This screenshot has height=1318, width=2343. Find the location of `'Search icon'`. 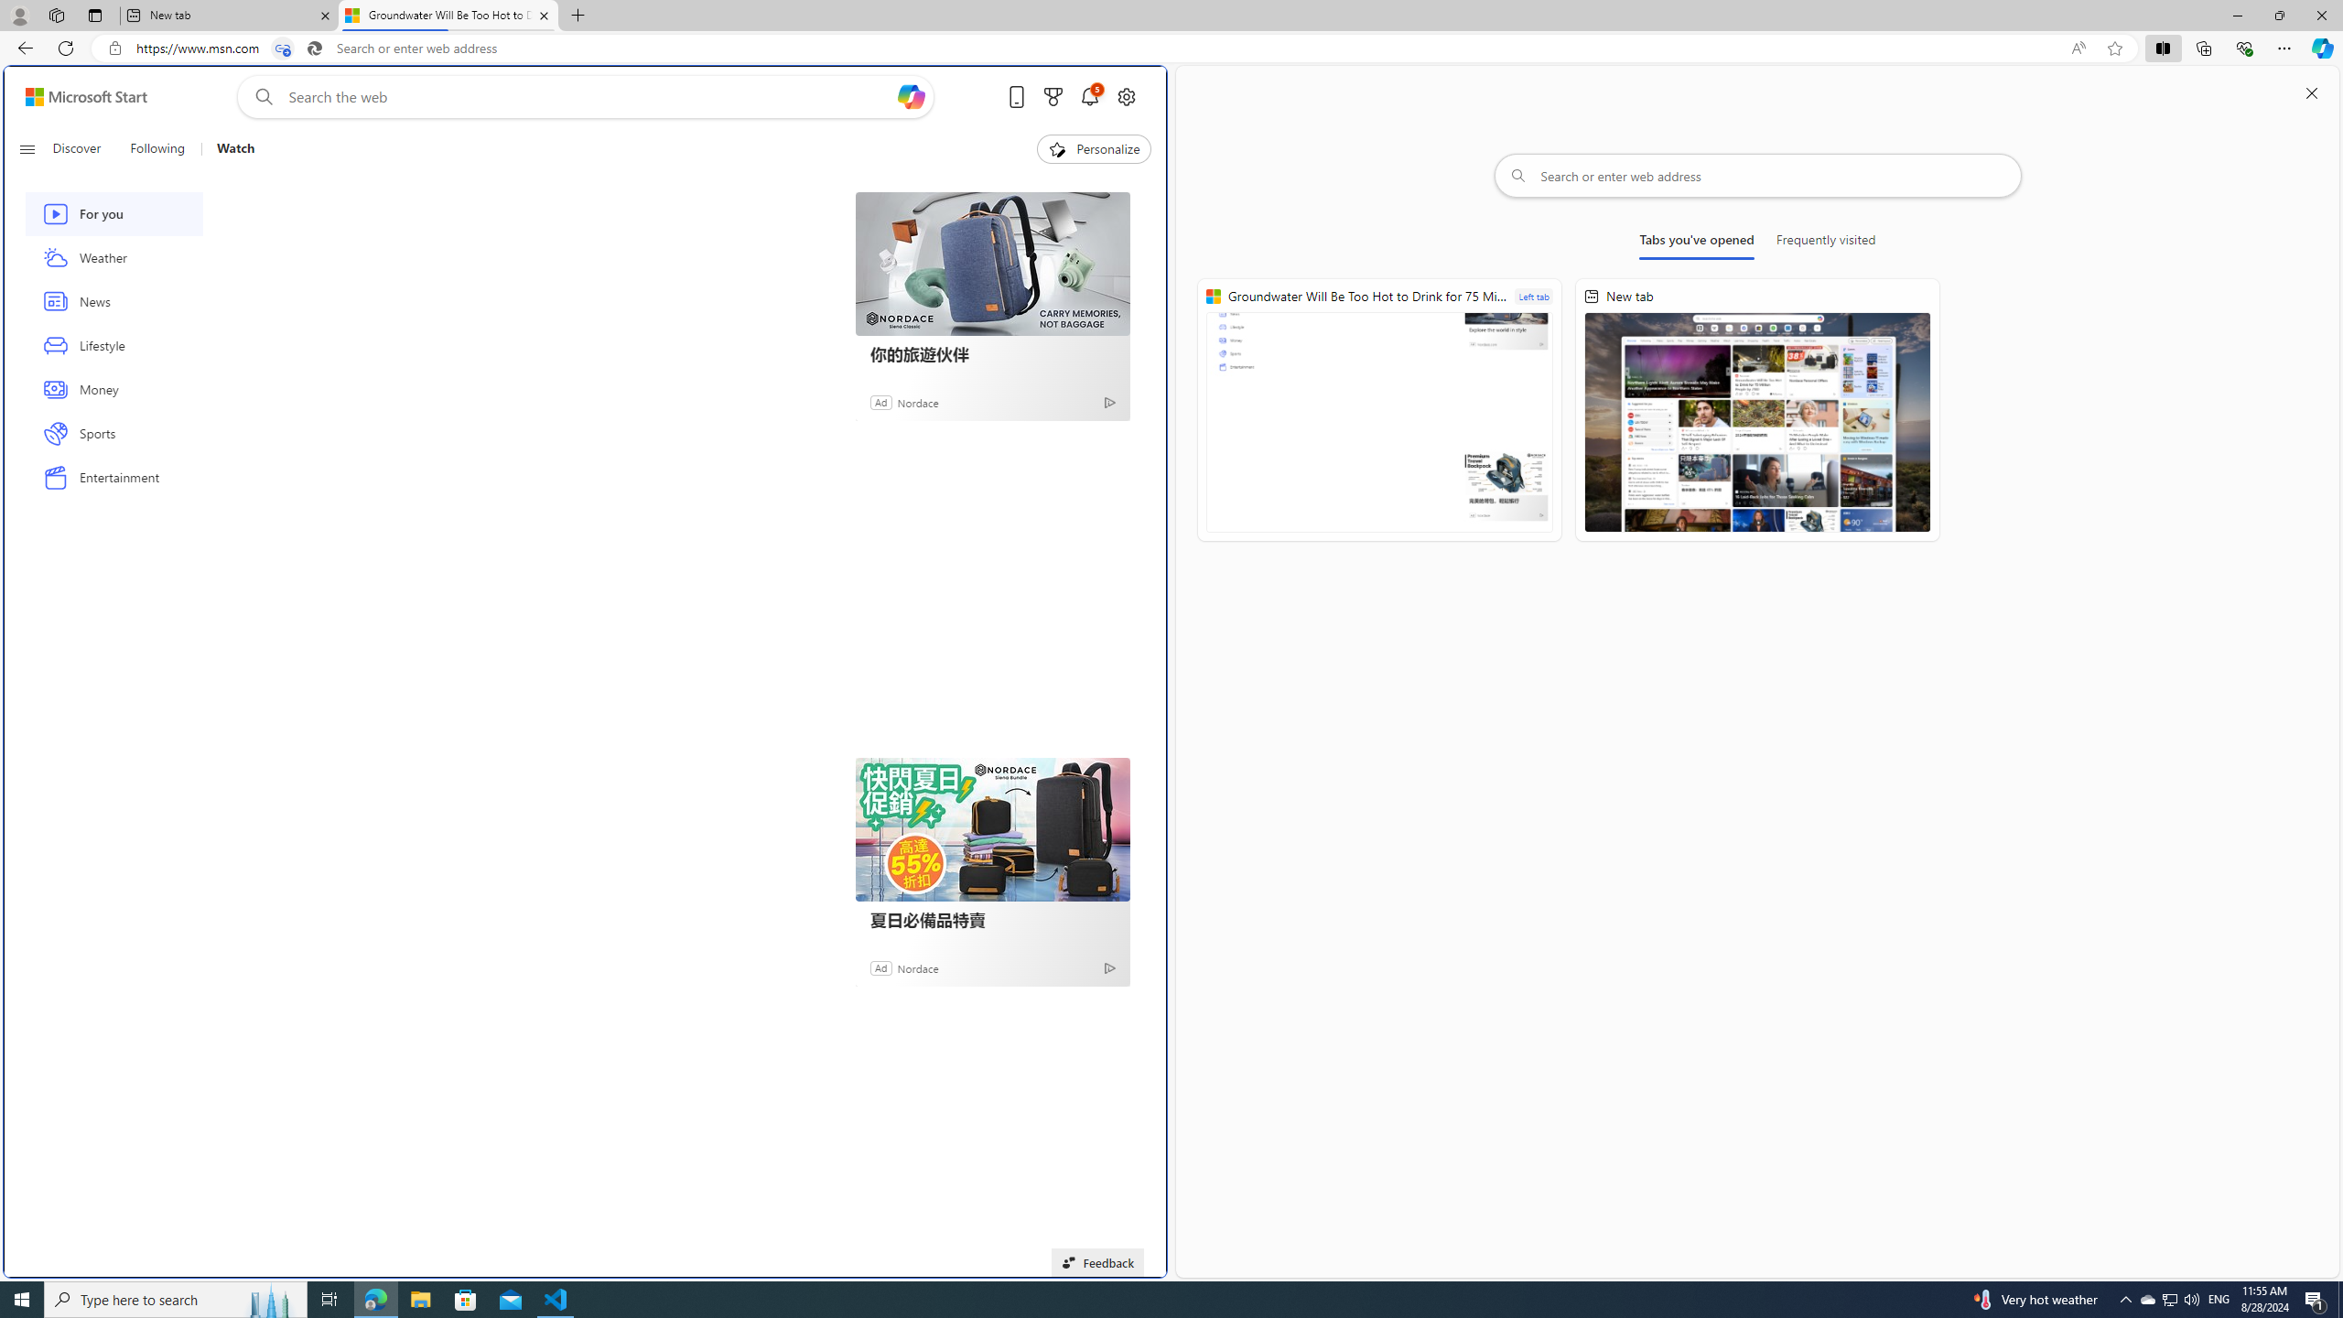

'Search icon' is located at coordinates (314, 49).